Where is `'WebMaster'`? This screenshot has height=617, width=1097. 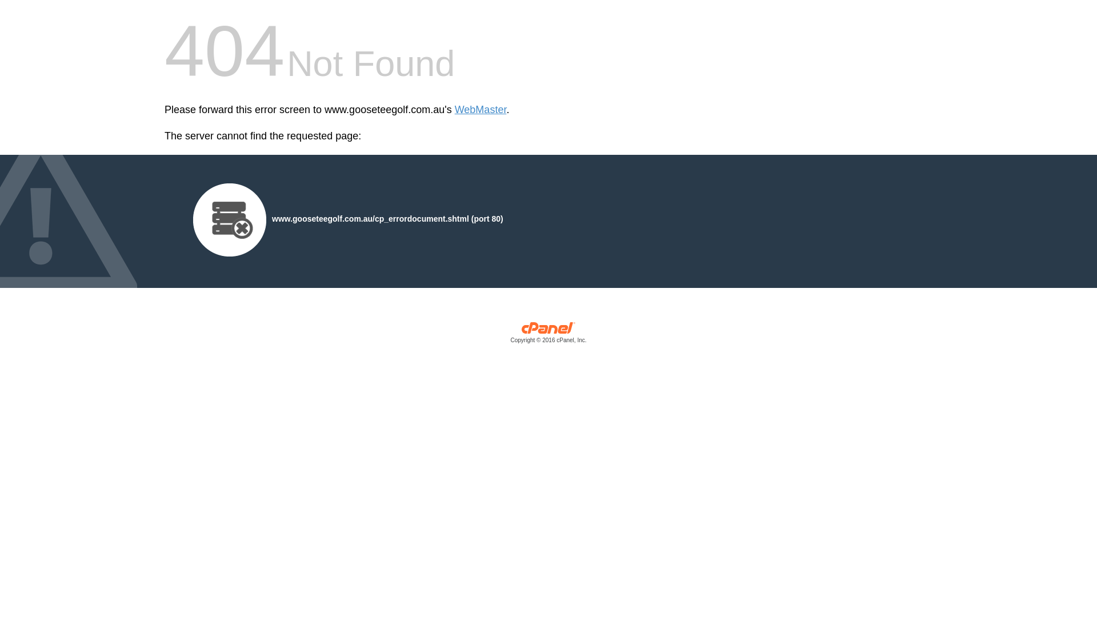 'WebMaster' is located at coordinates (481, 110).